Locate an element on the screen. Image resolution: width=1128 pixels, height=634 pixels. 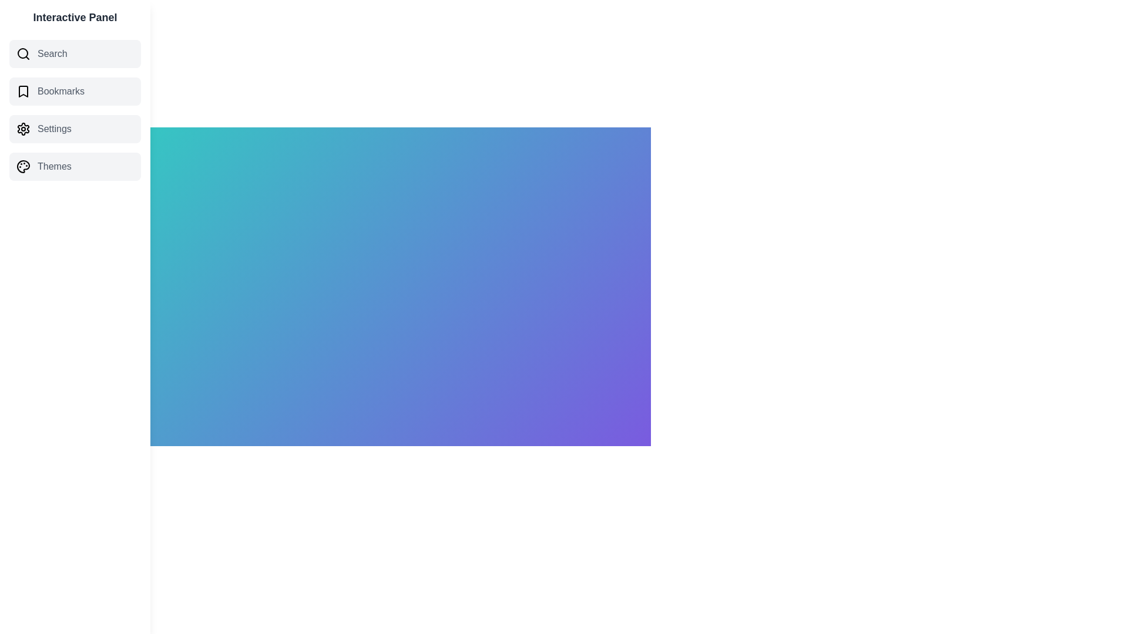
the category Search from the list is located at coordinates (75, 54).